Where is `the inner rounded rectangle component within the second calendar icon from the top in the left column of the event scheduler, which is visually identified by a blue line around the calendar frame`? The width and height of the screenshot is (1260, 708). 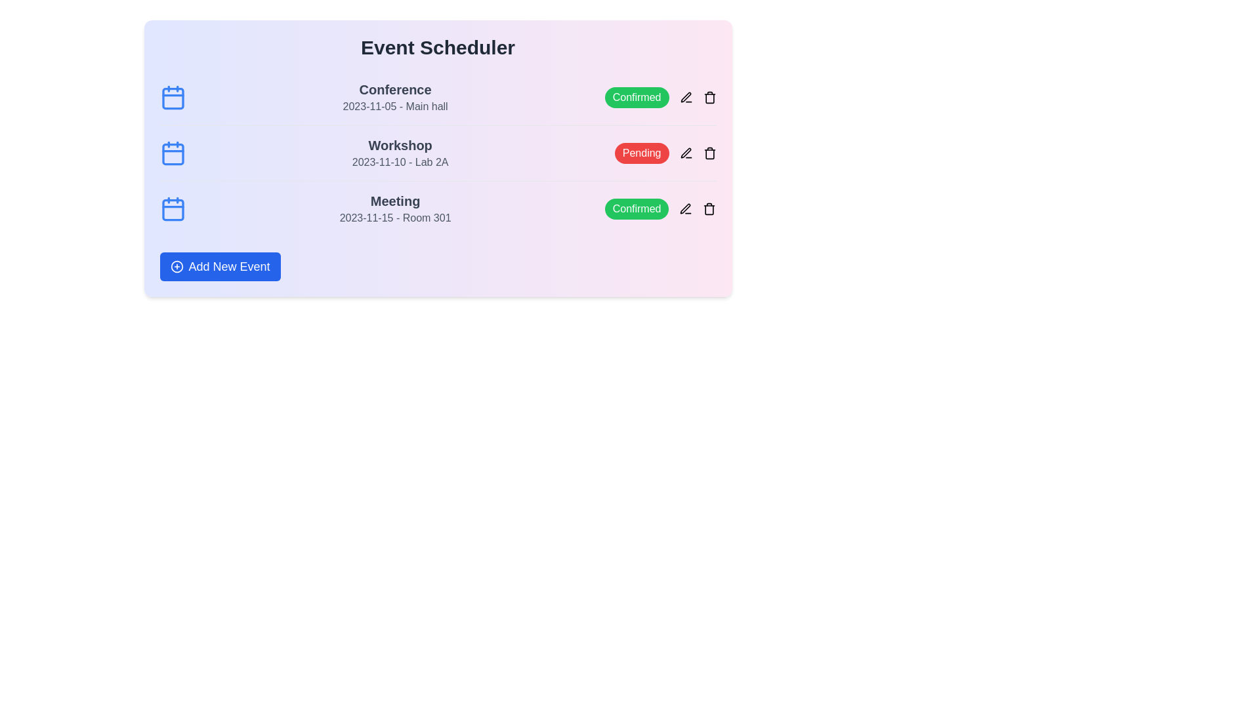
the inner rounded rectangle component within the second calendar icon from the top in the left column of the event scheduler, which is visually identified by a blue line around the calendar frame is located at coordinates (172, 153).